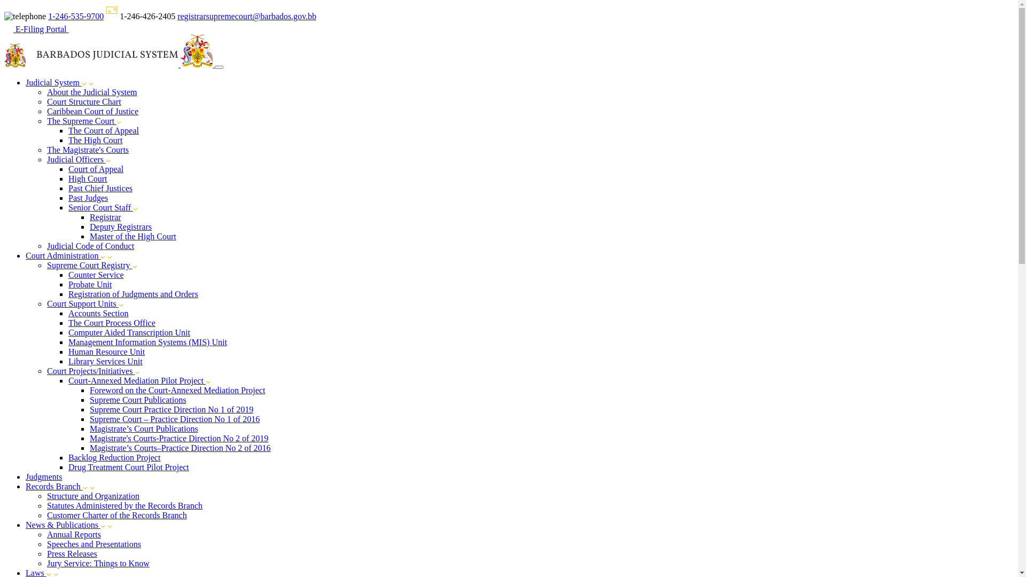  Describe the element at coordinates (117, 514) in the screenshot. I see `'Customer Charter of the Records Branch'` at that location.